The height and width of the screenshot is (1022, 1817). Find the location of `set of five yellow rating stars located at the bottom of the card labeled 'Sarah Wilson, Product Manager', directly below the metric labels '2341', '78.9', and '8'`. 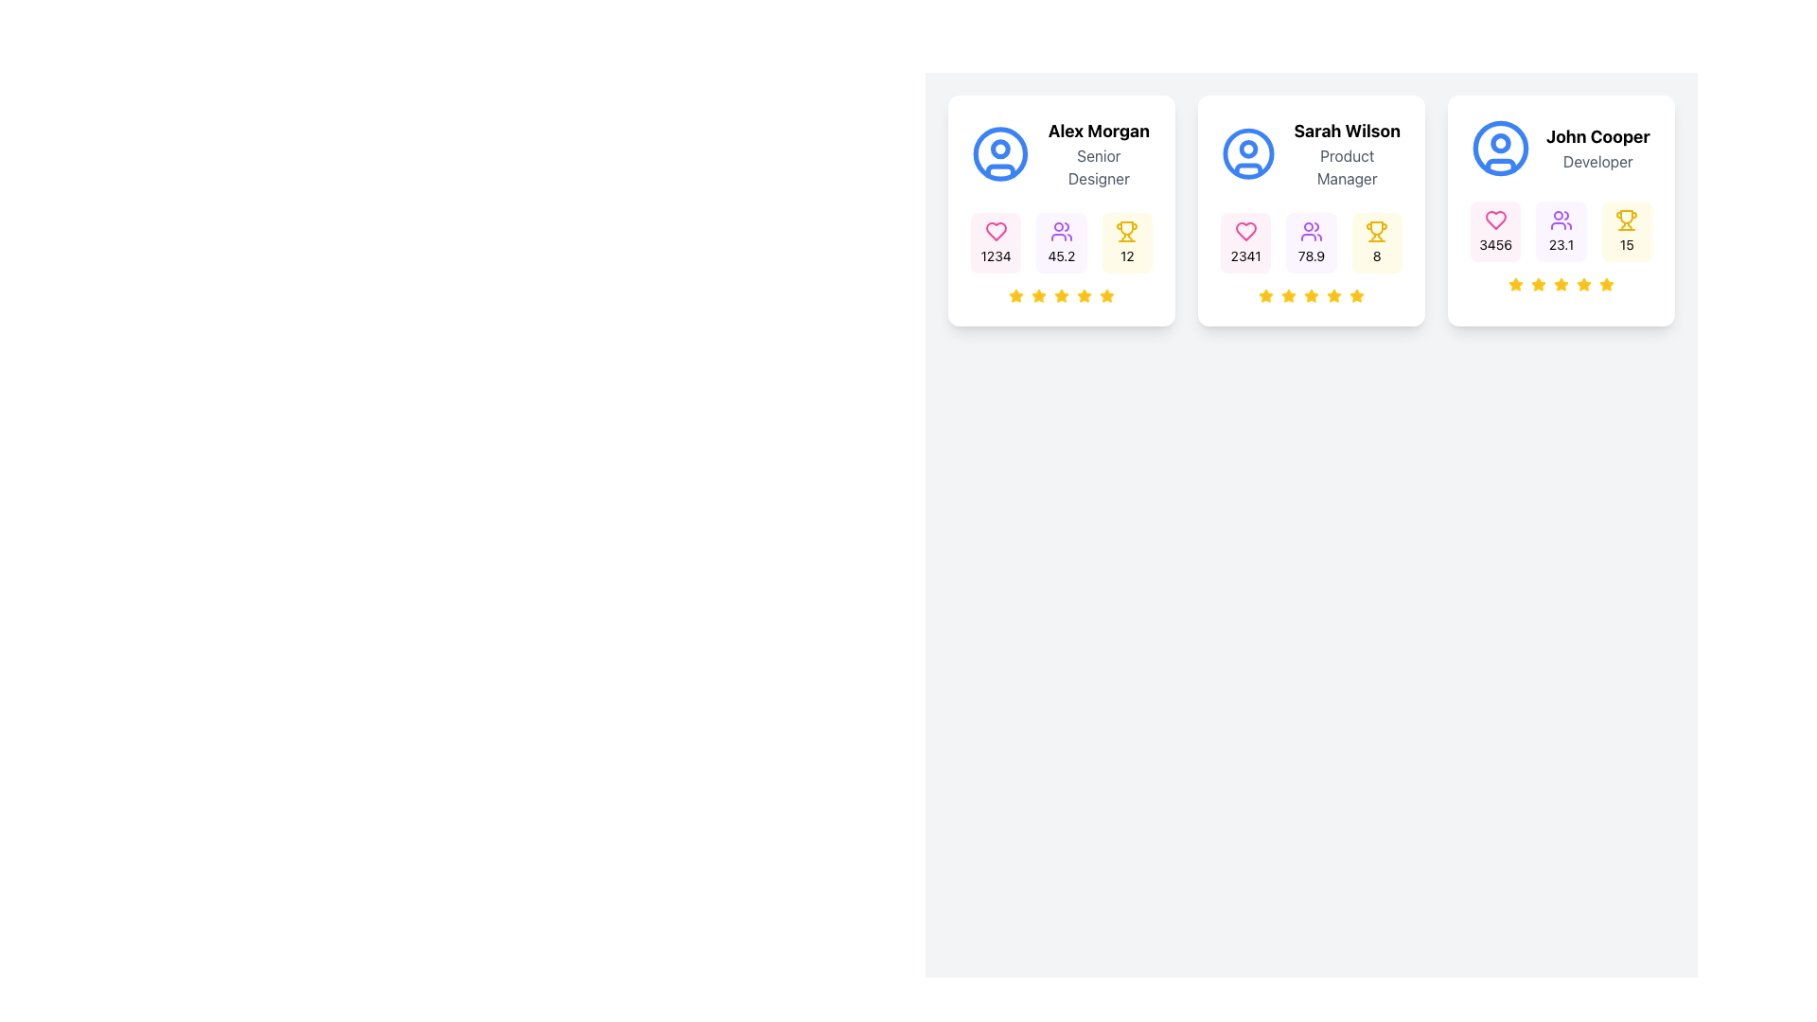

set of five yellow rating stars located at the bottom of the card labeled 'Sarah Wilson, Product Manager', directly below the metric labels '2341', '78.9', and '8' is located at coordinates (1311, 295).